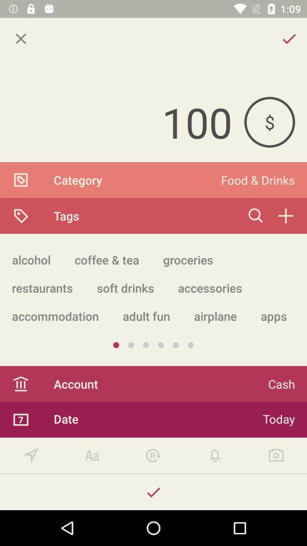  Describe the element at coordinates (31, 259) in the screenshot. I see `alcohol app` at that location.